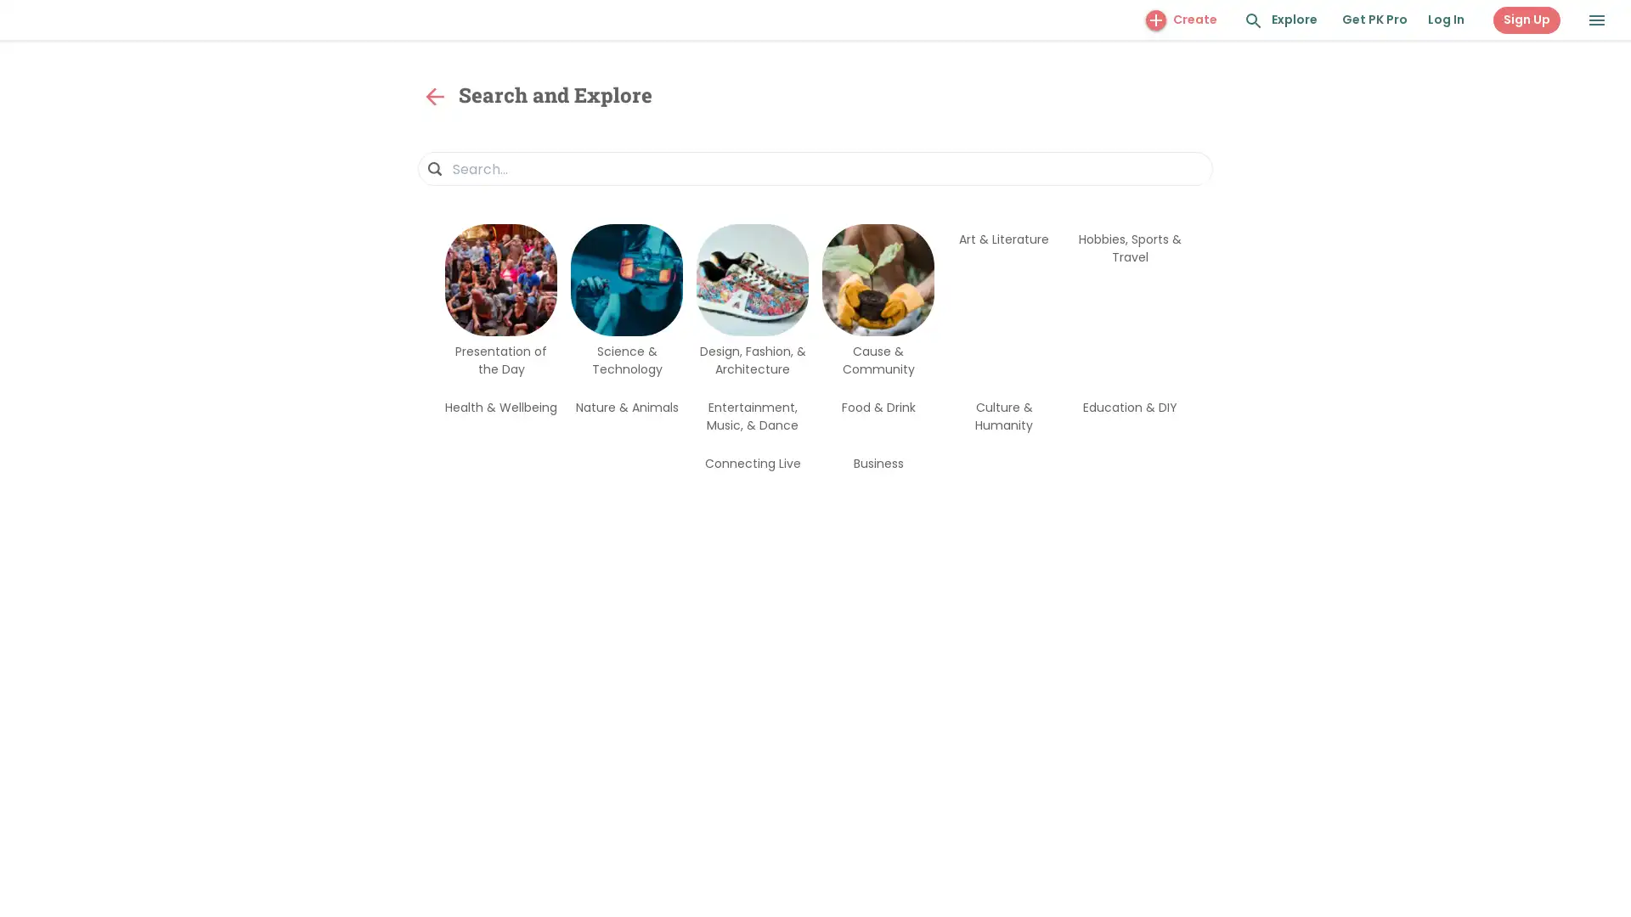 Image resolution: width=1631 pixels, height=917 pixels. What do you see at coordinates (1254, 20) in the screenshot?
I see `Search and Explore` at bounding box center [1254, 20].